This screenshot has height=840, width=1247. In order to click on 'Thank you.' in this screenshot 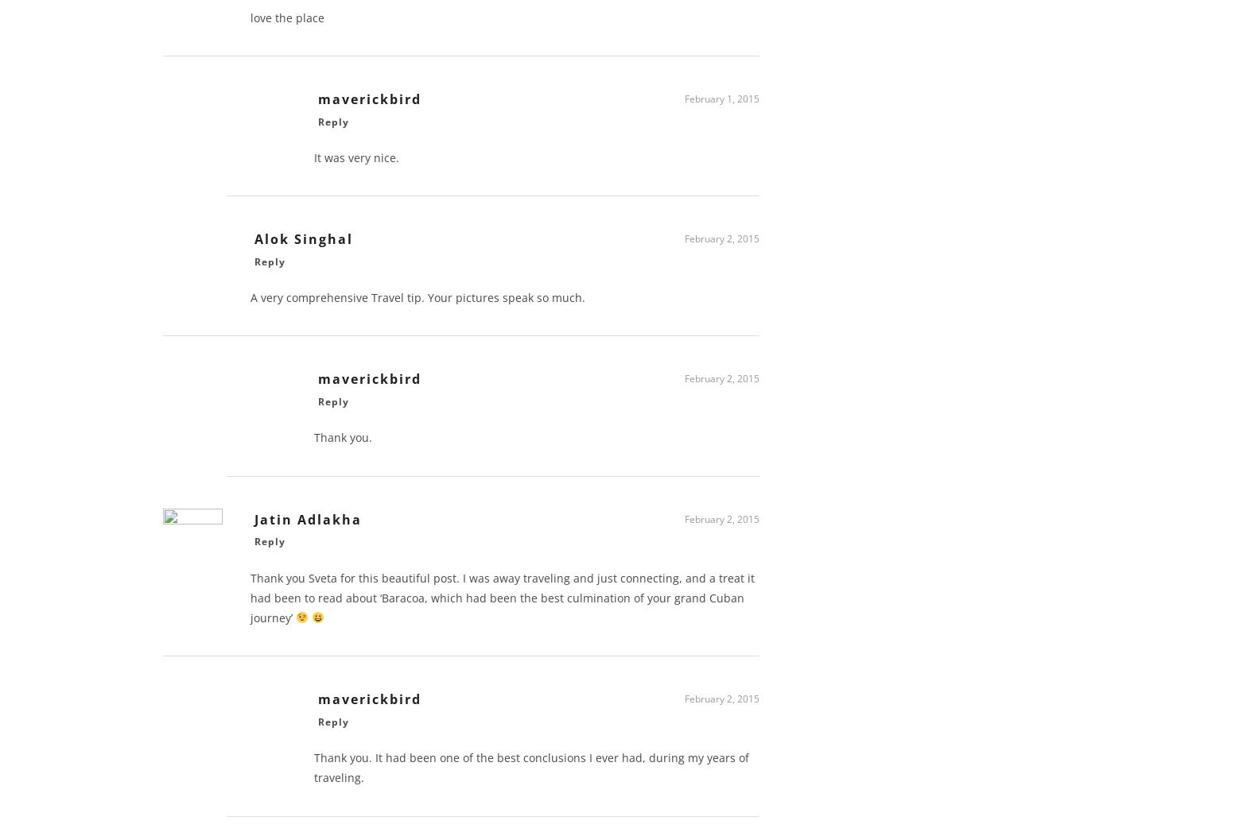, I will do `click(343, 442)`.